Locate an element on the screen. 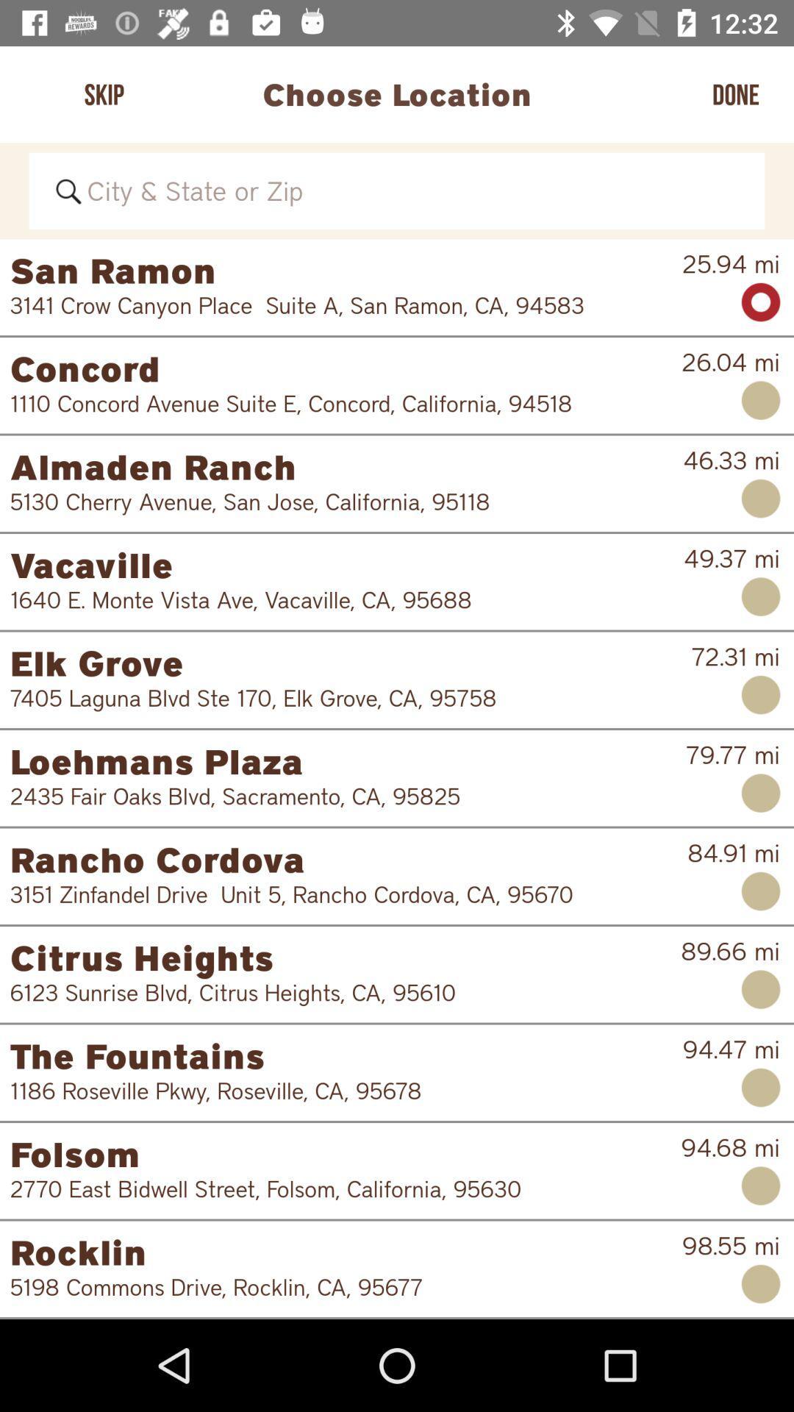 The image size is (794, 1412). icon next to 94.68 mi icon is located at coordinates (335, 1189).